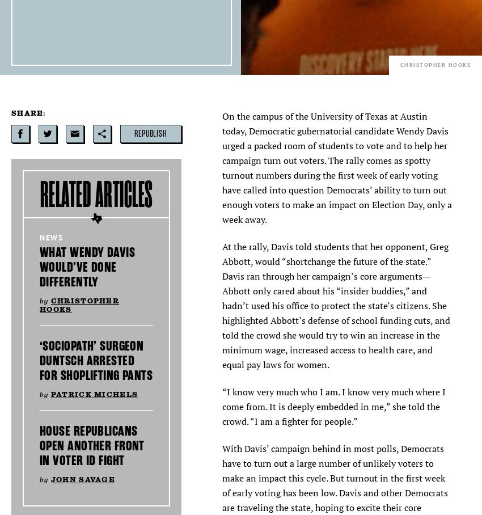 The width and height of the screenshot is (482, 515). Describe the element at coordinates (222, 406) in the screenshot. I see `'“I know very much who I am. I know very much where I come from. It is deeply embedded in me,” she told the crowd. “I am a fighter for people.”'` at that location.